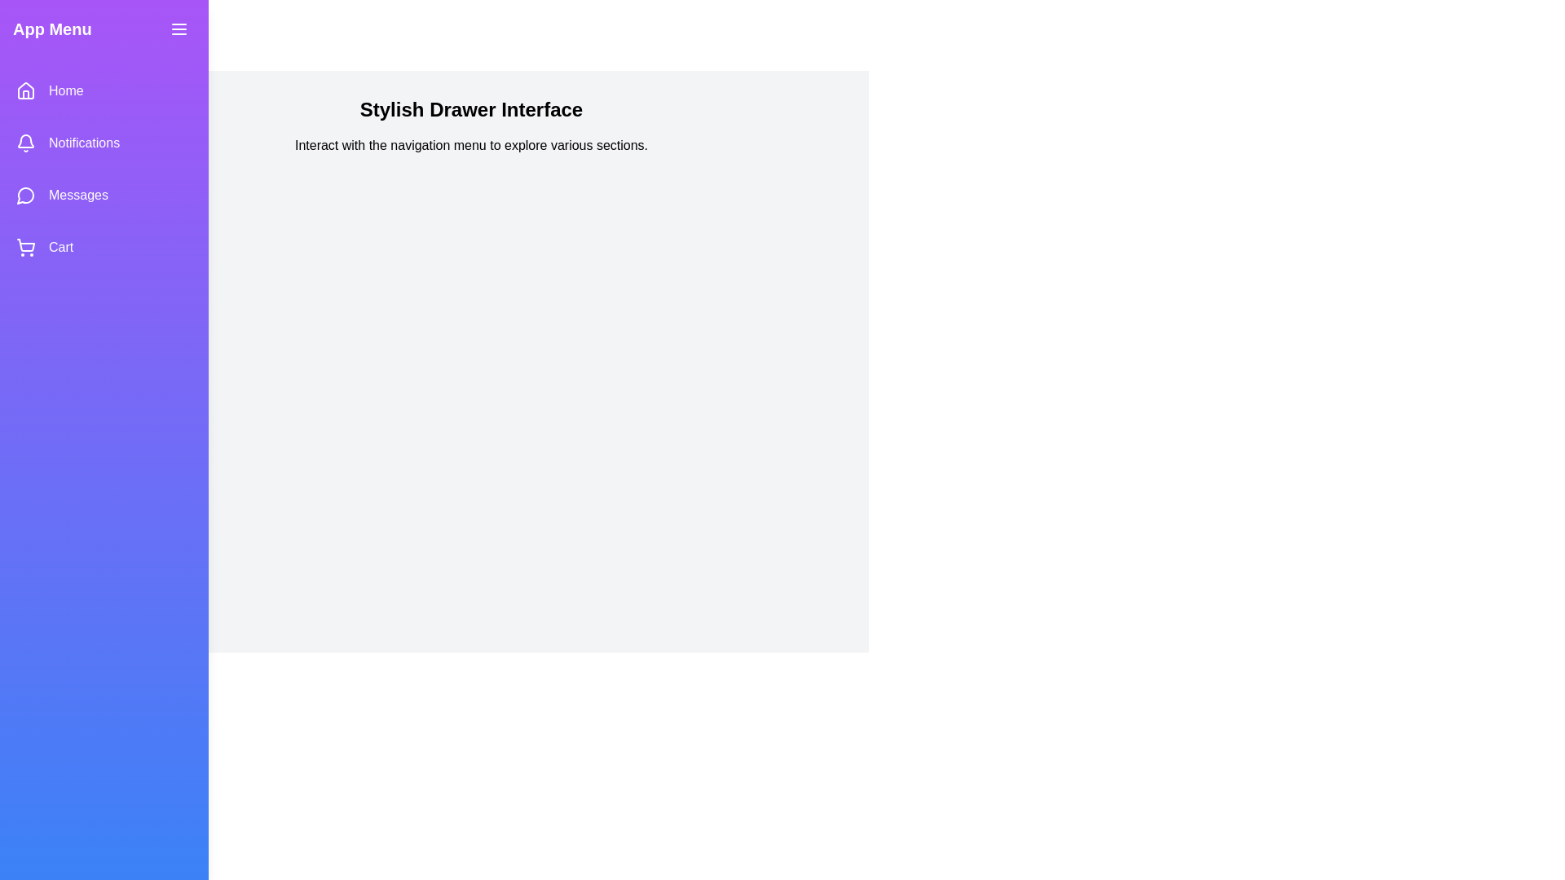 The image size is (1565, 880). Describe the element at coordinates (179, 29) in the screenshot. I see `the menu button to toggle the drawer state` at that location.